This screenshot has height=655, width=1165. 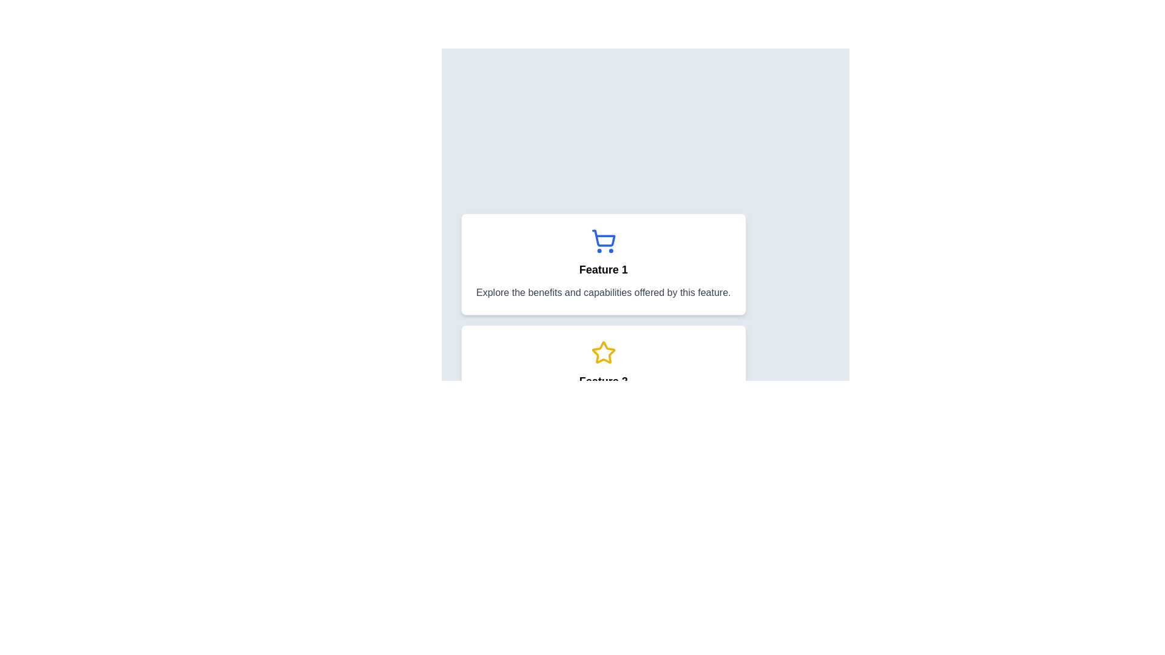 I want to click on the Custom Card which features a yellow star-shaped icon at the top, with the title 'Feature 2' in bold black text and a gray description below it, so click(x=603, y=375).